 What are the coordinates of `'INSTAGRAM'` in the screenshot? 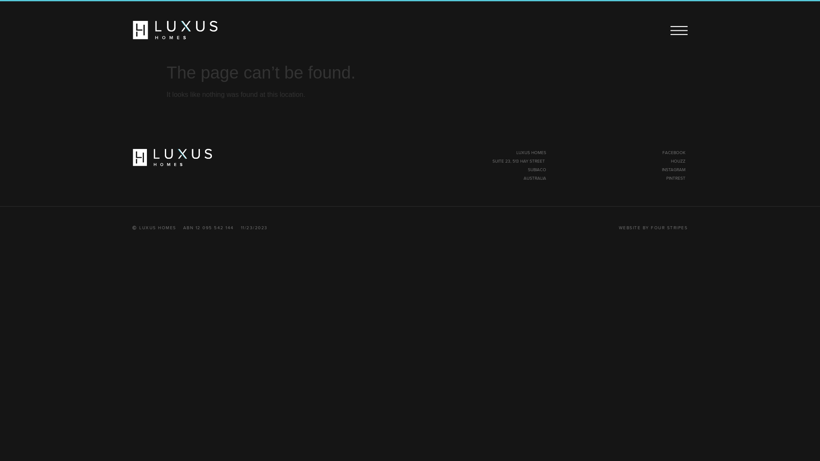 It's located at (673, 169).